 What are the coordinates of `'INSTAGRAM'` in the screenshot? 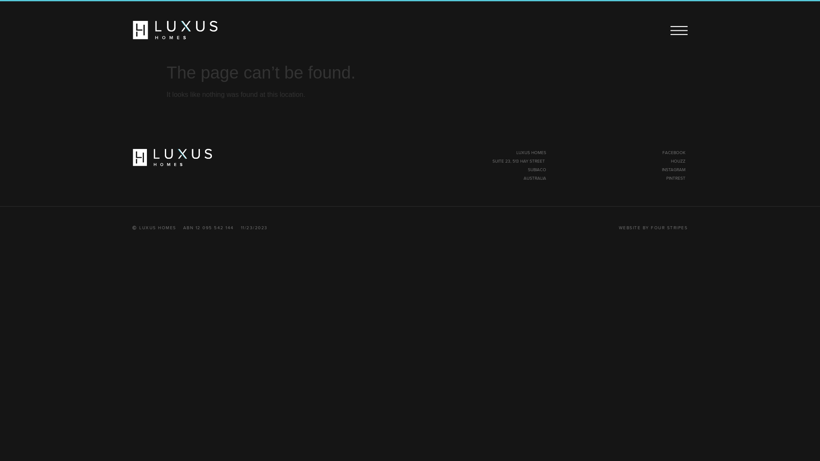 It's located at (673, 169).